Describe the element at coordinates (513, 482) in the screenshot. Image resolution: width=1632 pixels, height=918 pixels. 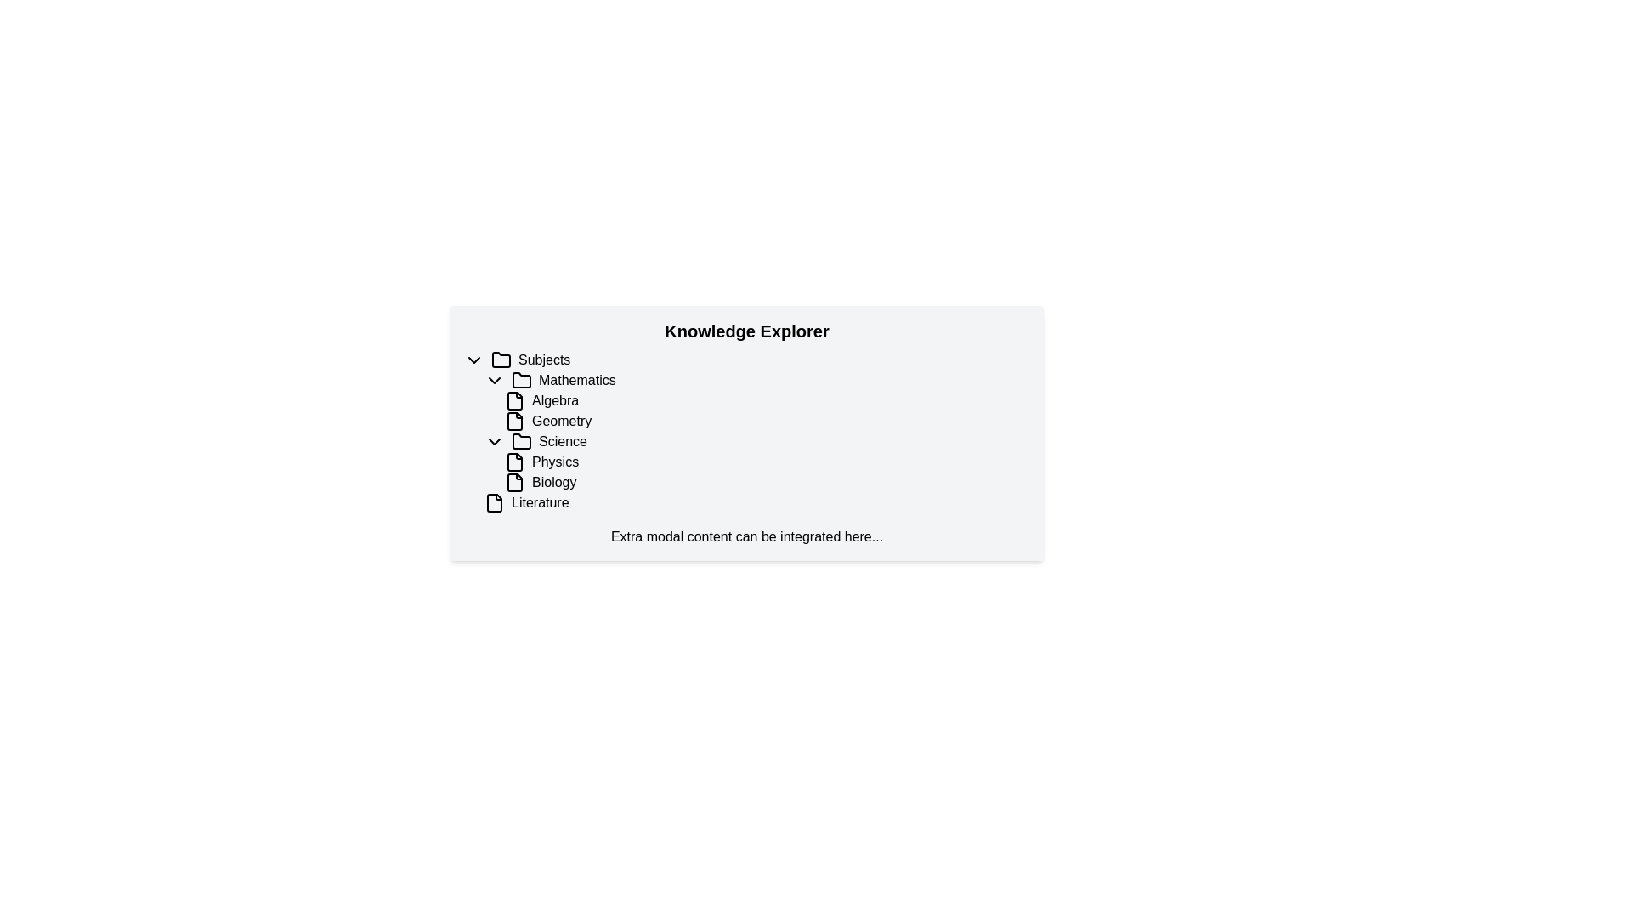
I see `the document icon representing 'Biology' in the 'Knowledge Explorer' folder structure under the 'Science' category` at that location.